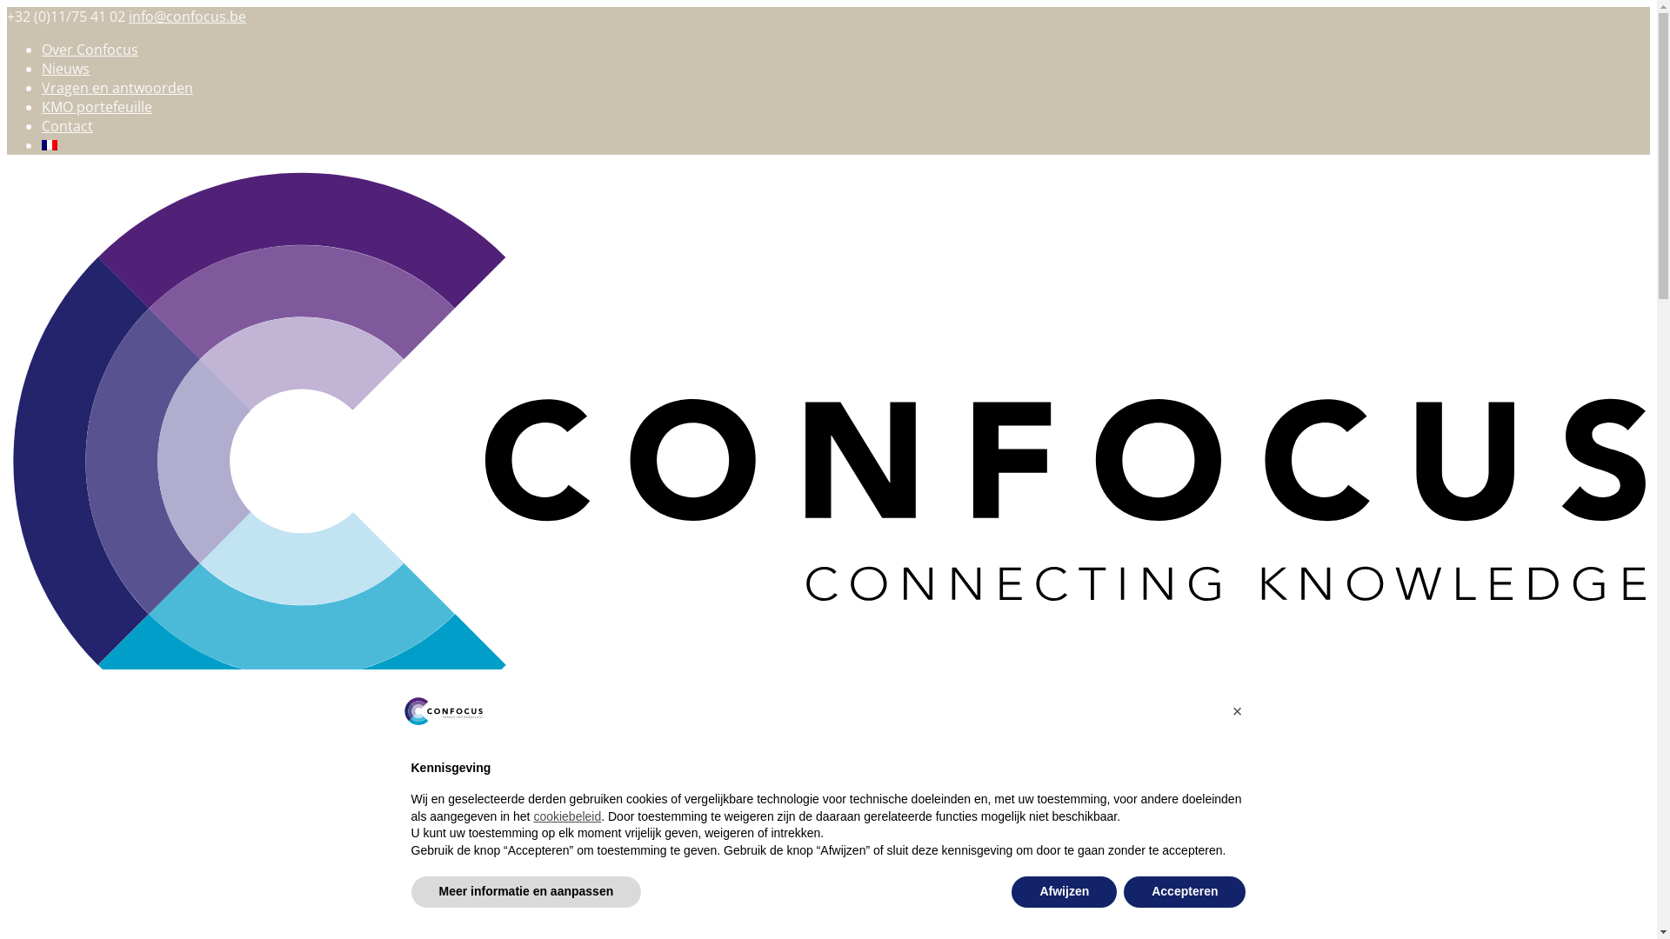  I want to click on 'Nieuws', so click(65, 67).